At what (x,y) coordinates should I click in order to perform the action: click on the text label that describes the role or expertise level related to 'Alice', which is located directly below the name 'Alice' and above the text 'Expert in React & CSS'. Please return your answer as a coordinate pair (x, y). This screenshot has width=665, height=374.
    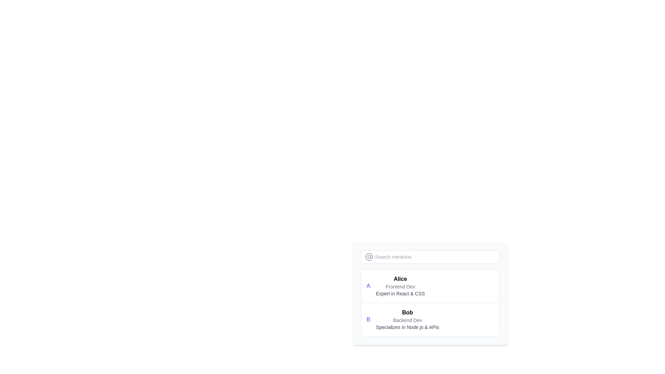
    Looking at the image, I should click on (400, 287).